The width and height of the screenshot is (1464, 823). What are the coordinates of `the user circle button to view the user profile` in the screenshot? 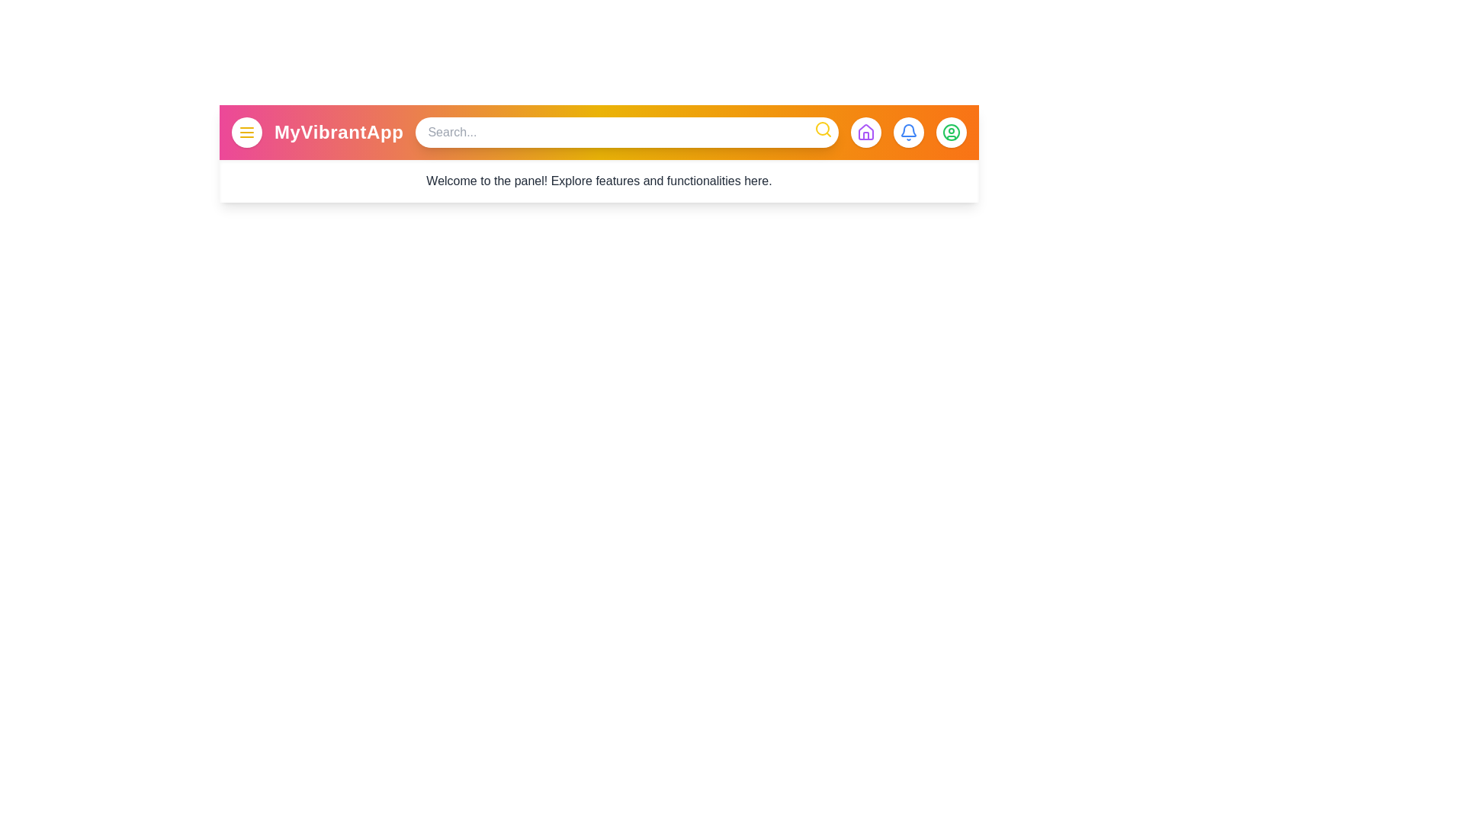 It's located at (951, 131).